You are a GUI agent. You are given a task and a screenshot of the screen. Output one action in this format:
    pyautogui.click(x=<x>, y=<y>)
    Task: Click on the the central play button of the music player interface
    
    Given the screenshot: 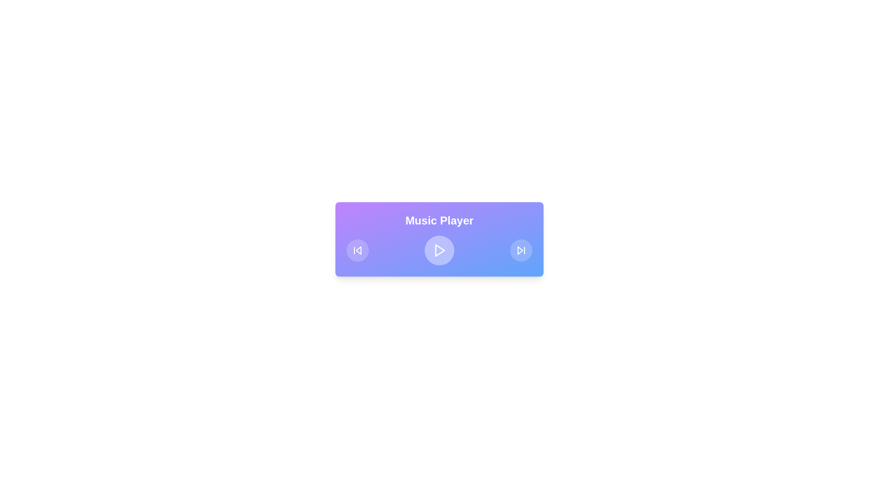 What is the action you would take?
    pyautogui.click(x=439, y=250)
    